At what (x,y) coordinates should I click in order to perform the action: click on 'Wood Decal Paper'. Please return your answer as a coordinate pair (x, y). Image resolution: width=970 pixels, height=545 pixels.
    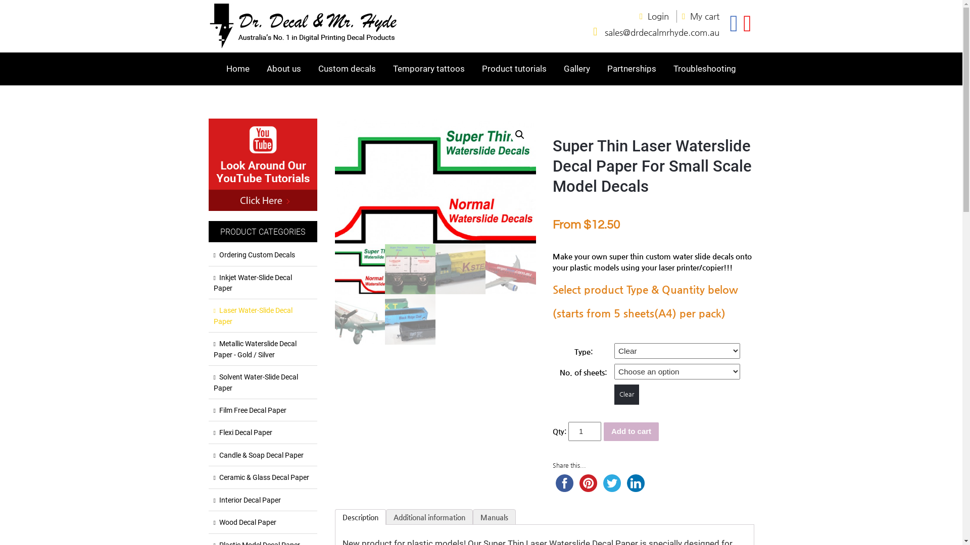
    Looking at the image, I should click on (213, 522).